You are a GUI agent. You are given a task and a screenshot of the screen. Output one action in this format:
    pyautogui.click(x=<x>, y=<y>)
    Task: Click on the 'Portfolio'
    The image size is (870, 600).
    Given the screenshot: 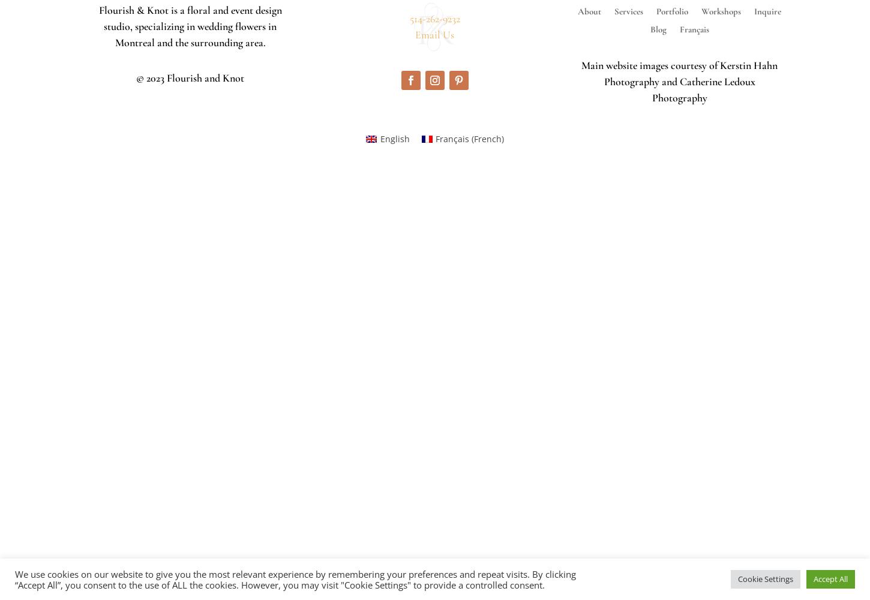 What is the action you would take?
    pyautogui.click(x=671, y=11)
    